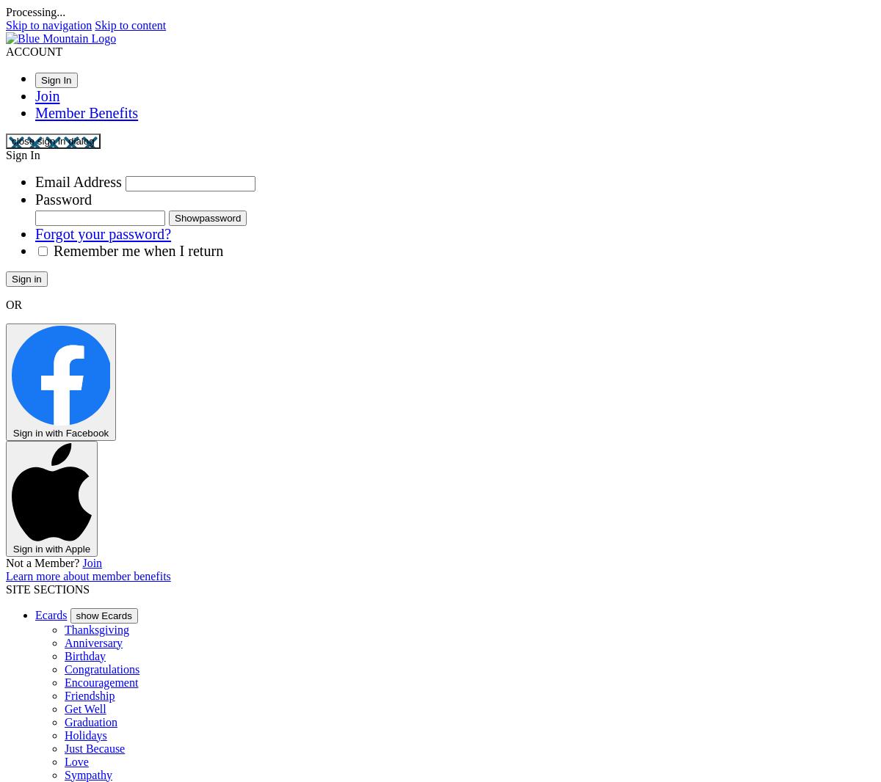  I want to click on 'Get Well', so click(85, 708).